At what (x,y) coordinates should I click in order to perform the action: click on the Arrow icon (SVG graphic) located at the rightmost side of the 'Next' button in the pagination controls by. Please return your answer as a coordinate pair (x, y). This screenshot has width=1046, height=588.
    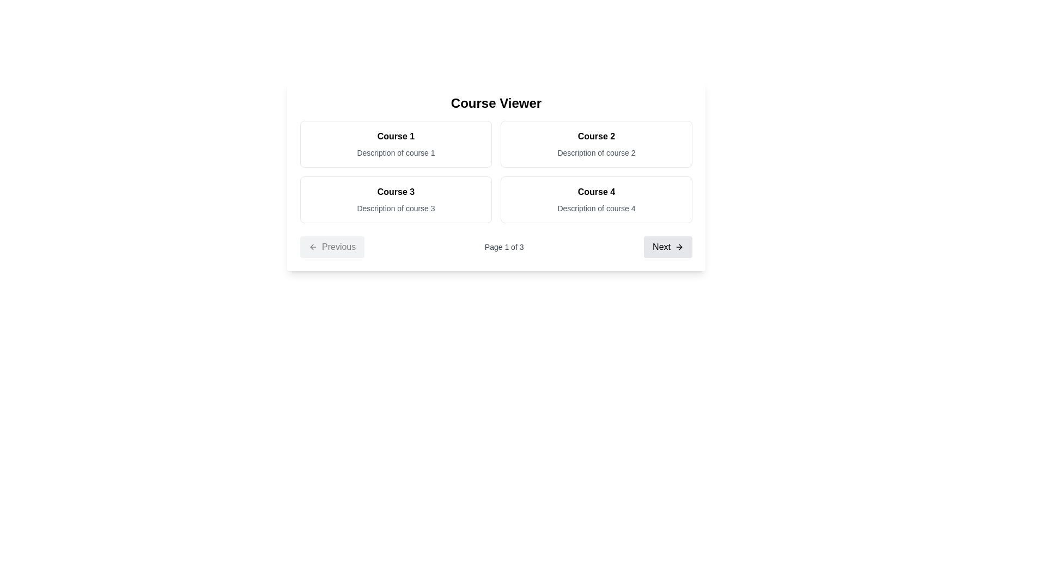
    Looking at the image, I should click on (679, 247).